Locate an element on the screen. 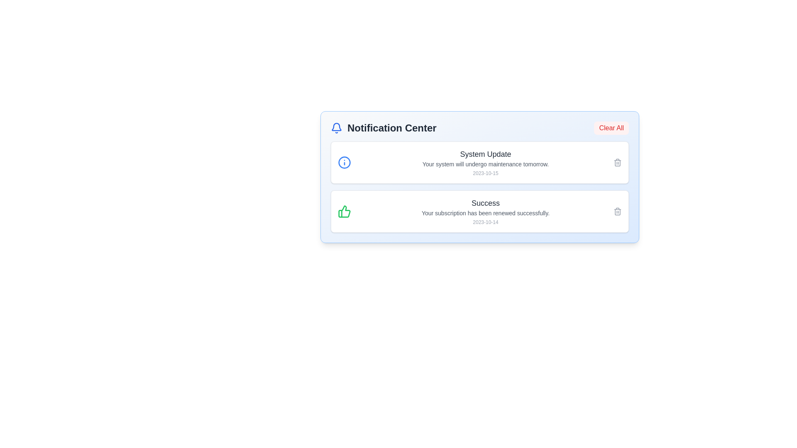  the text display element that shows the date for the 'System Update' notification, located below the description 'Your system will undergo maintenance tomorrow.' is located at coordinates (486, 173).